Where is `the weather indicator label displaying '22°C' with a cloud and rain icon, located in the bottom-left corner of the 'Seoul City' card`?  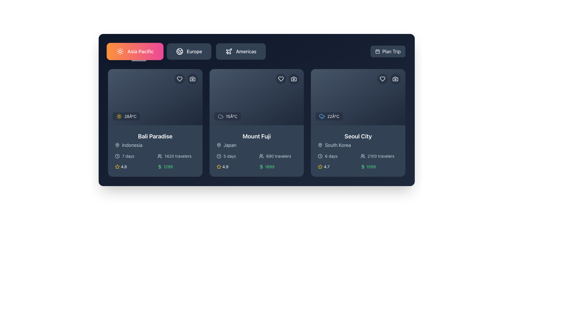 the weather indicator label displaying '22°C' with a cloud and rain icon, located in the bottom-left corner of the 'Seoul City' card is located at coordinates (329, 116).